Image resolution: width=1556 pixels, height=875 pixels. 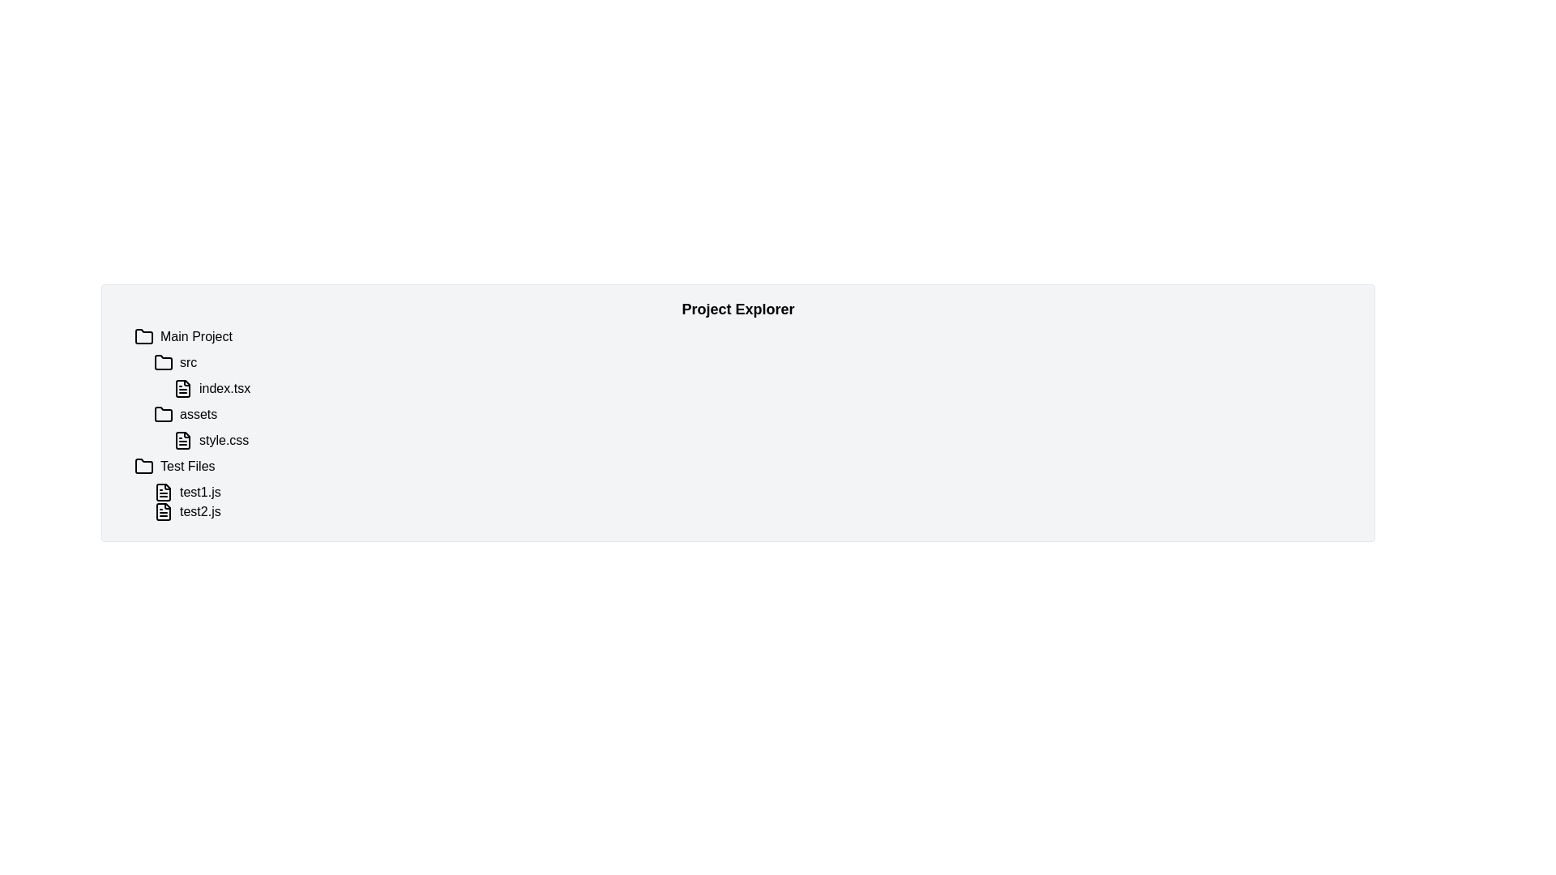 I want to click on the text label 'test1.js' associated with the file icon in the file explorer interface, so click(x=199, y=492).